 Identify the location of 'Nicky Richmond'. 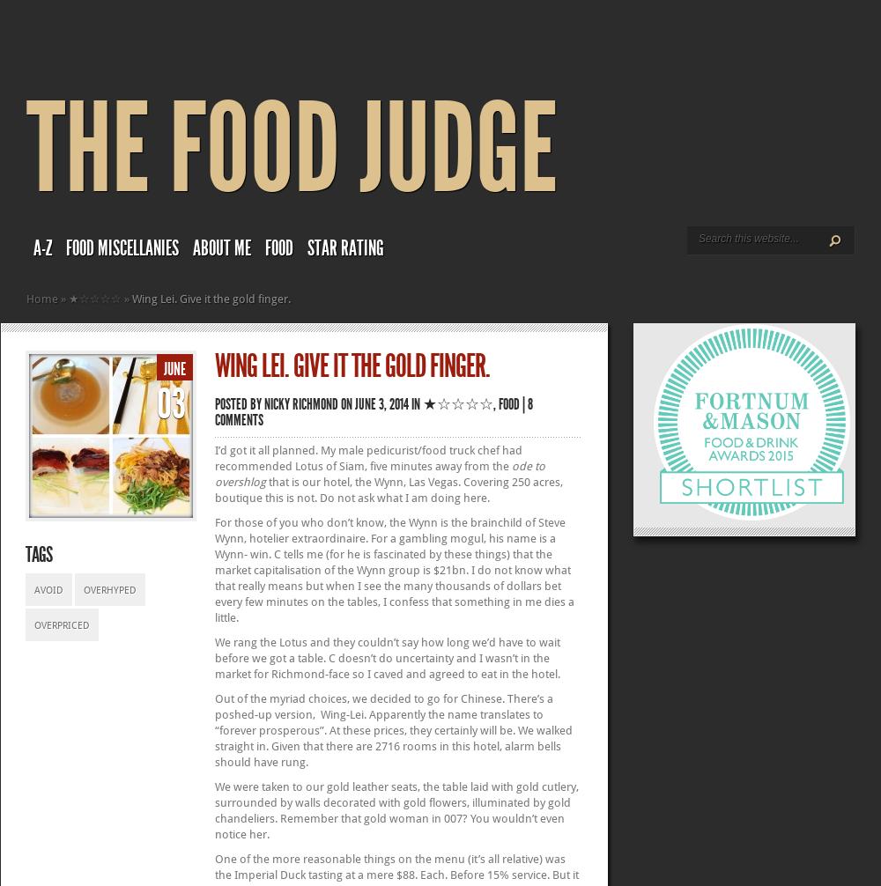
(264, 403).